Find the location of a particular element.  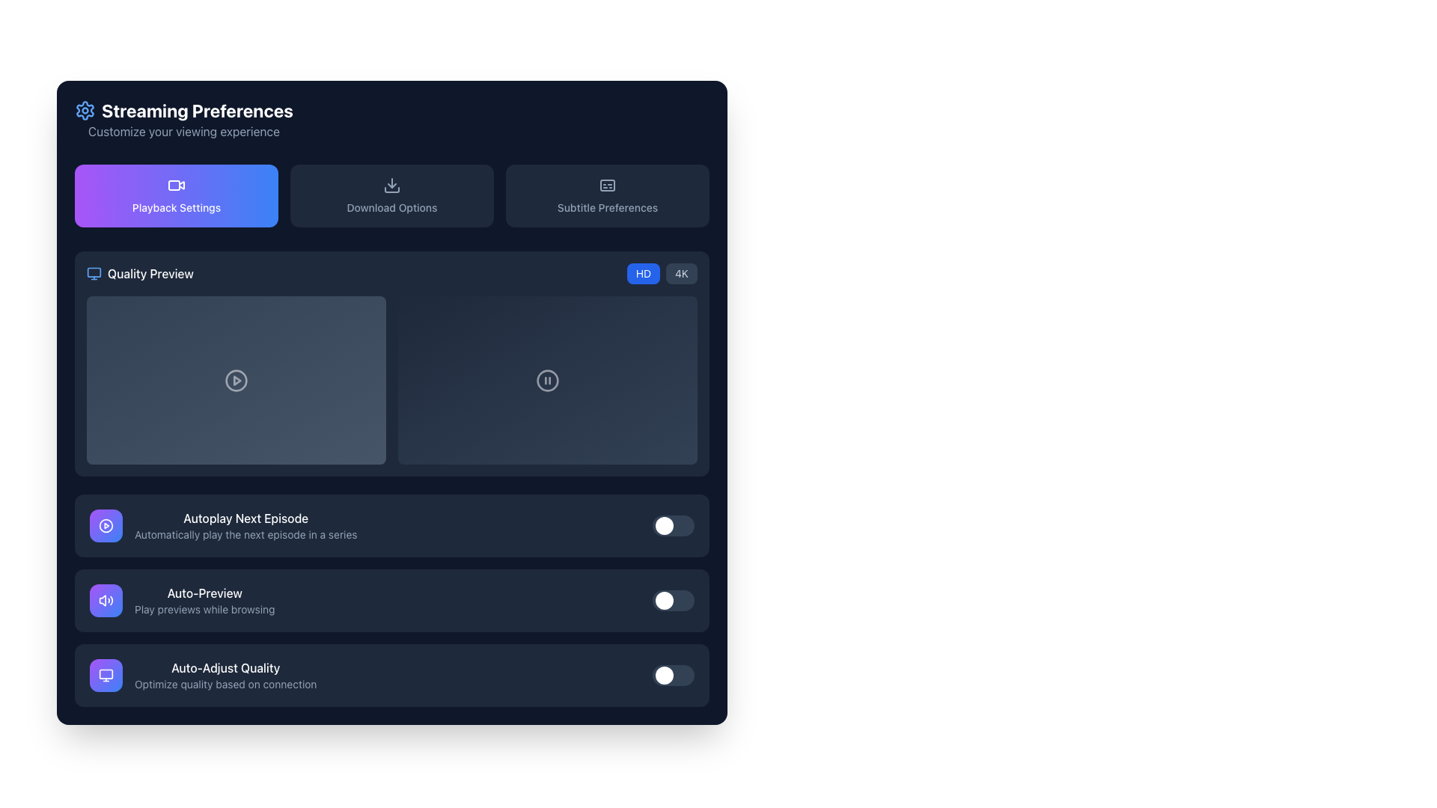

the circular knob of the toggle switch located in the bottom right corner of the 'Auto-Adjust Quality' option row under the 'Streaming Preferences' section is located at coordinates (673, 675).